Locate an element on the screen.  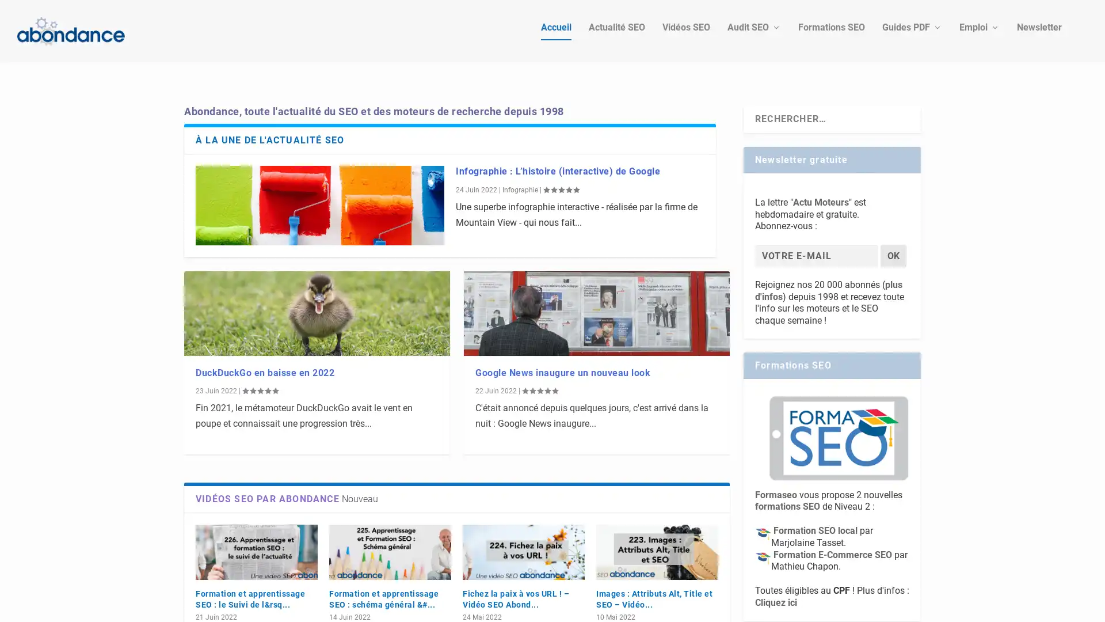
OK is located at coordinates (893, 236).